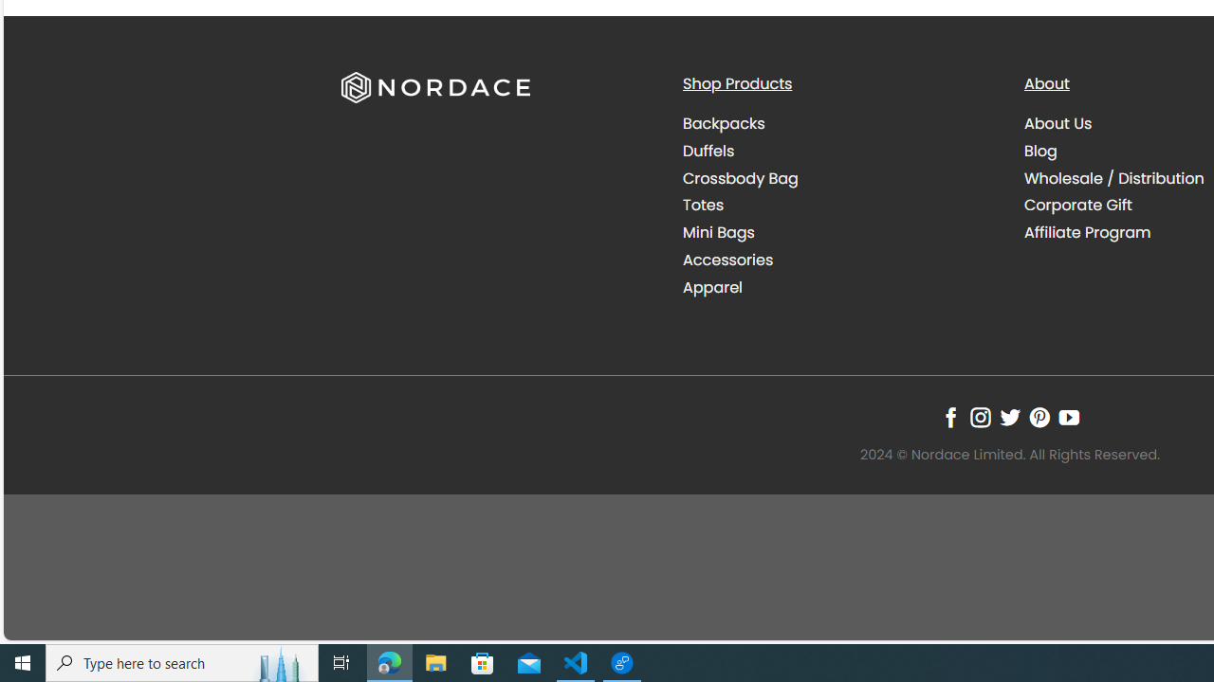 This screenshot has height=682, width=1214. What do you see at coordinates (1058, 124) in the screenshot?
I see `'About Us'` at bounding box center [1058, 124].